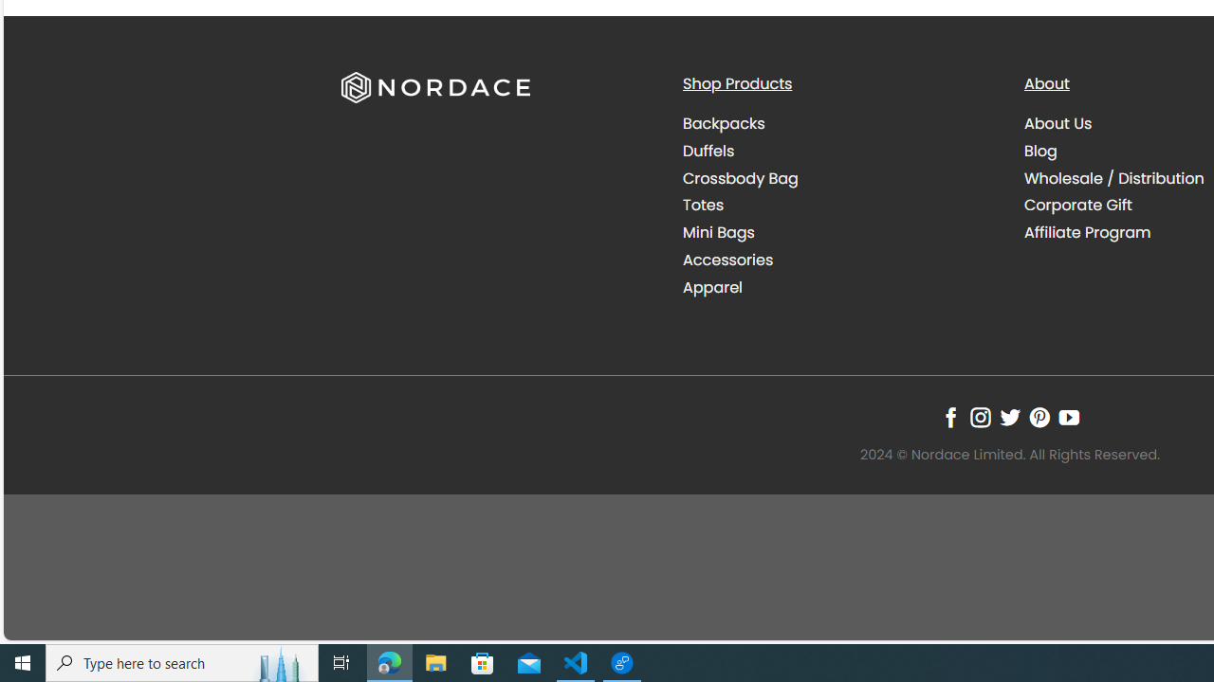 This screenshot has height=682, width=1214. What do you see at coordinates (1058, 124) in the screenshot?
I see `'About Us'` at bounding box center [1058, 124].